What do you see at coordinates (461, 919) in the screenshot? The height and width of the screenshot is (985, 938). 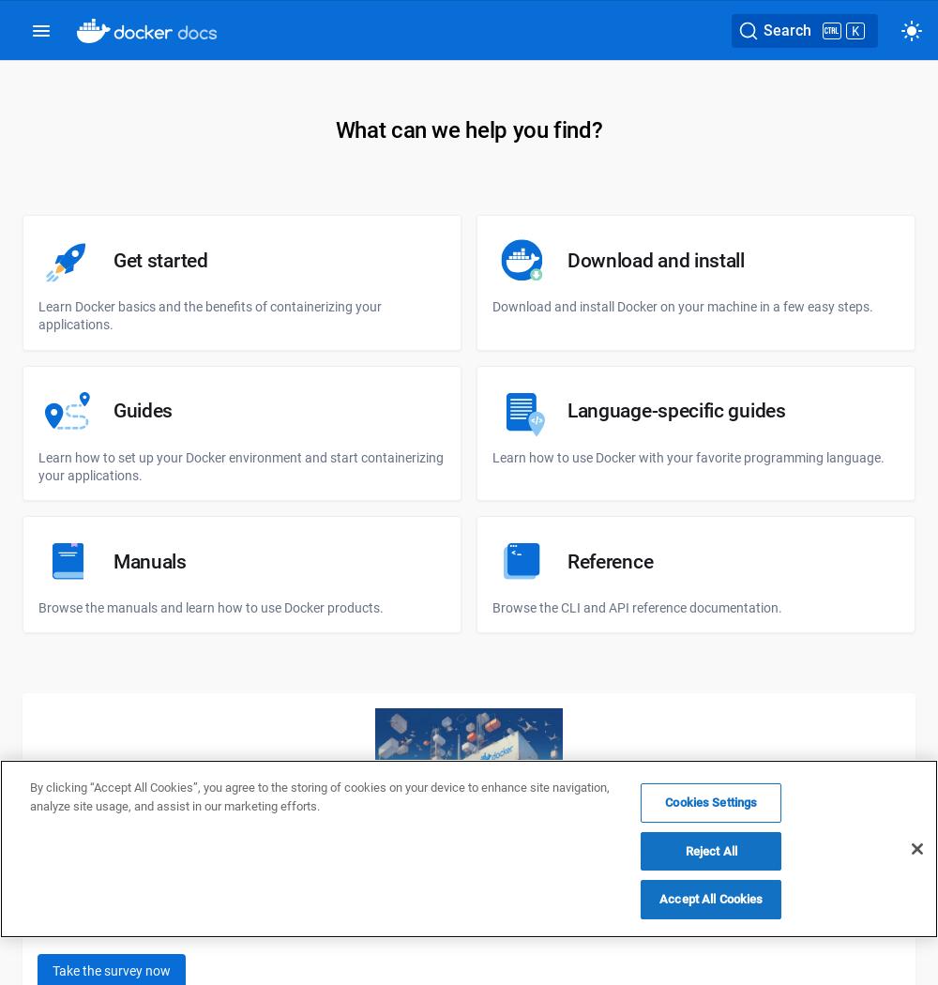 I see `'Help us shape the future of application development by taking our State of Application Development survey by 20th November 2023 and enter for a chance to win a new laptop, a video game console, a Docker swag set, or other cool prizes!'` at bounding box center [461, 919].